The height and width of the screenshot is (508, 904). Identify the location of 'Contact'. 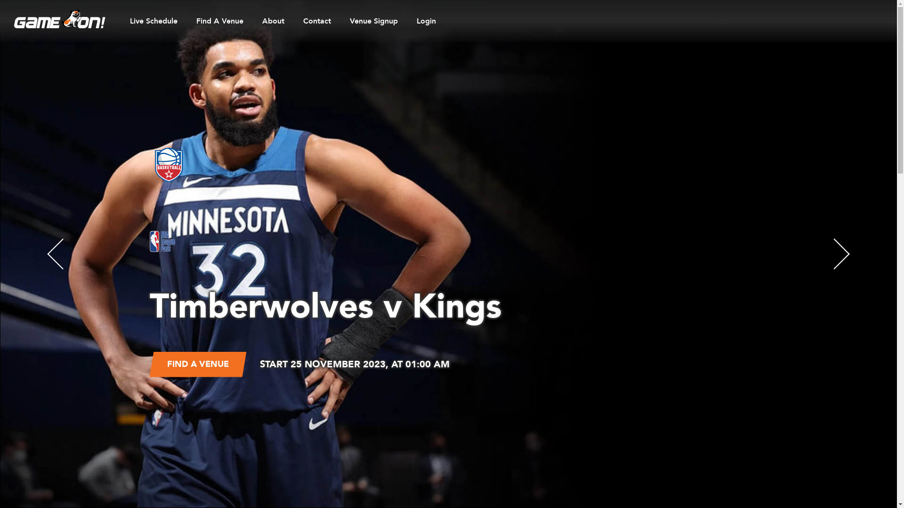
(317, 21).